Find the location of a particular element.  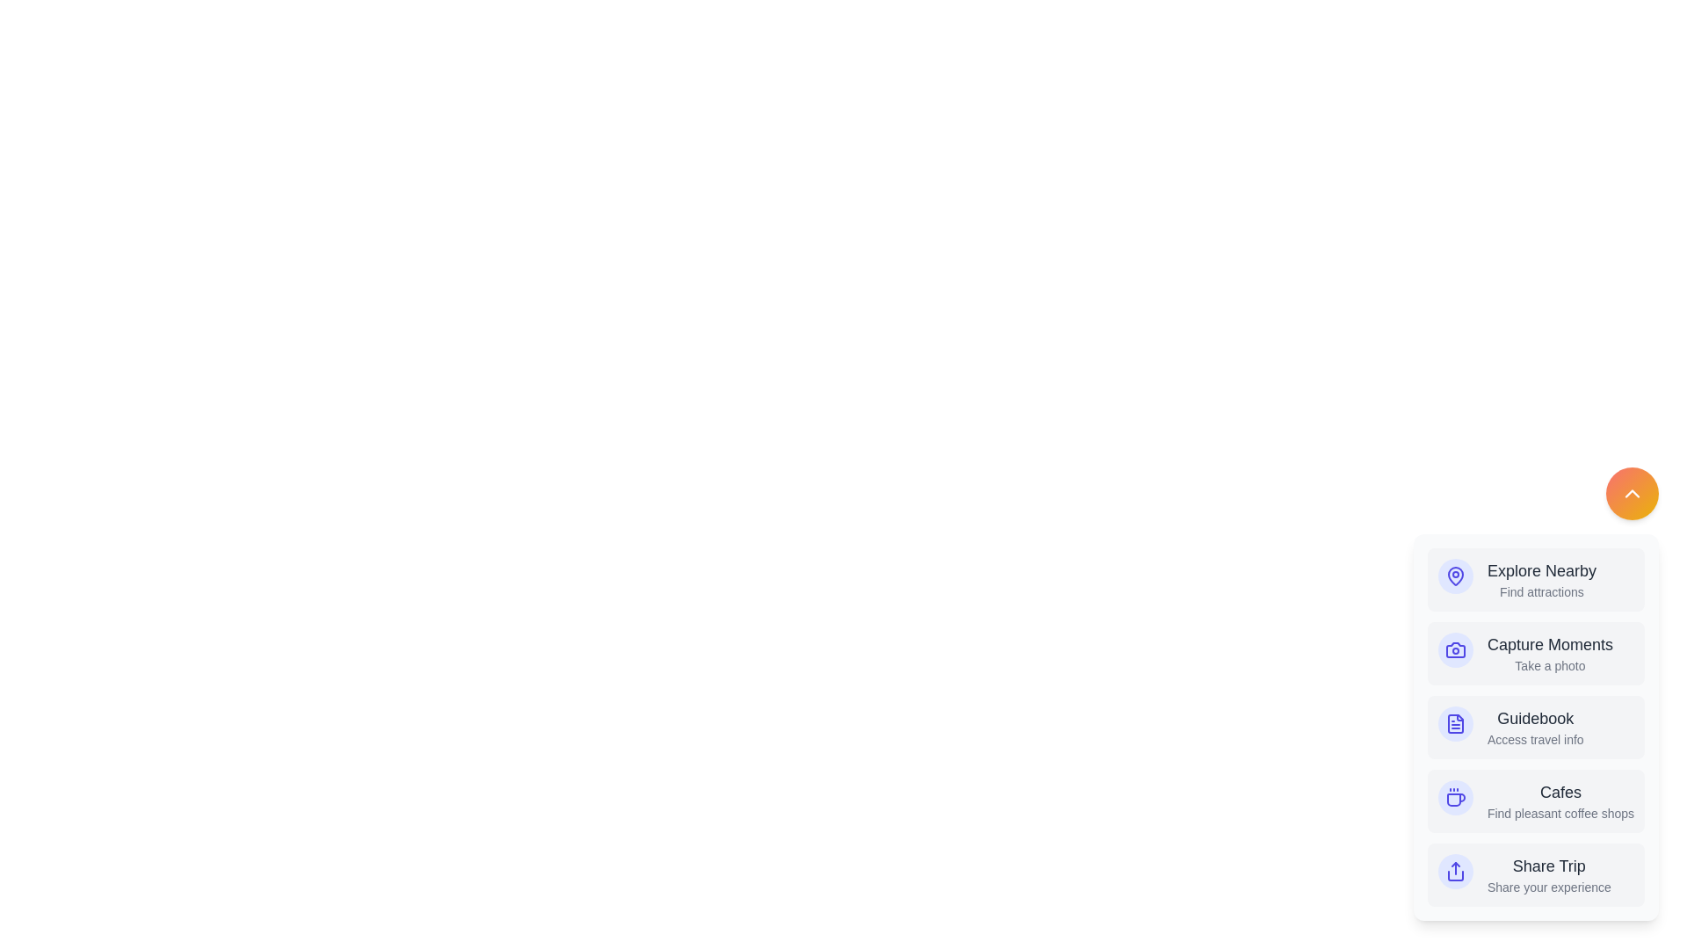

the toggle button to change the menu visibility is located at coordinates (1631, 494).